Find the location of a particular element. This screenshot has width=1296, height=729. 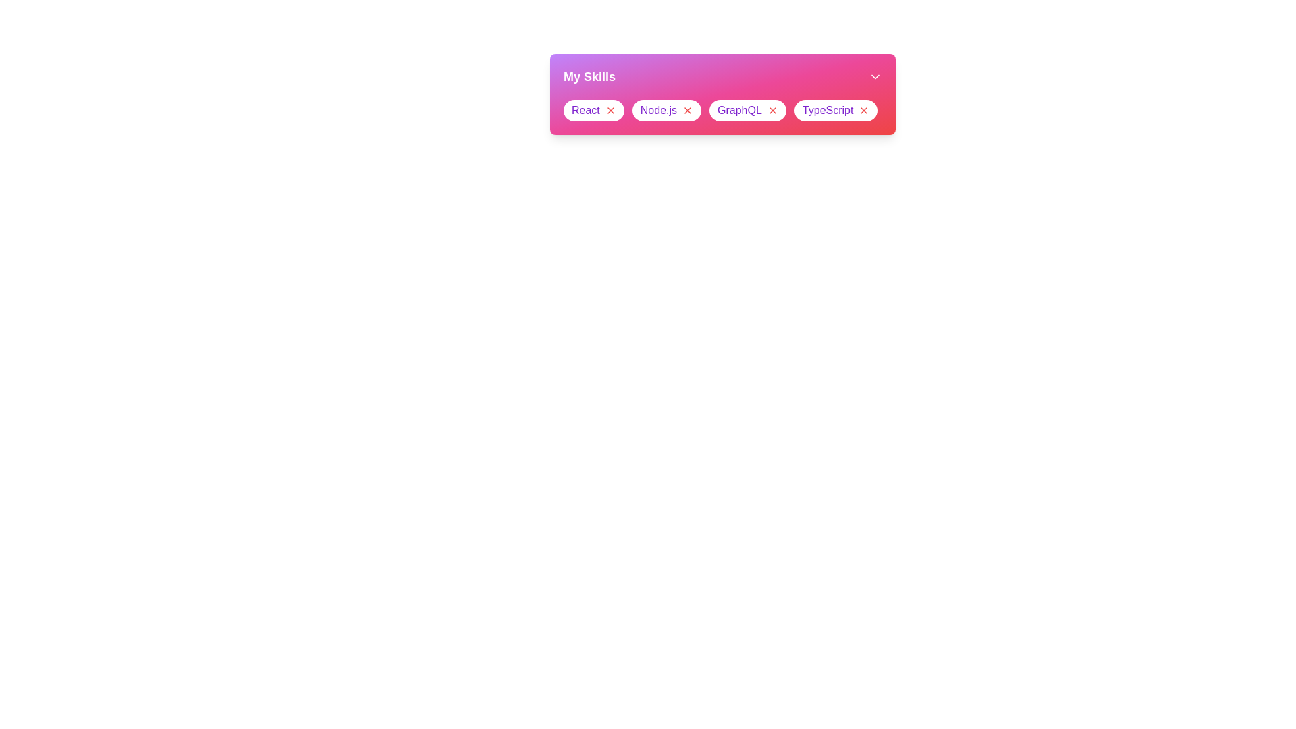

the close button of the skill chip labeled Node.js is located at coordinates (688, 110).